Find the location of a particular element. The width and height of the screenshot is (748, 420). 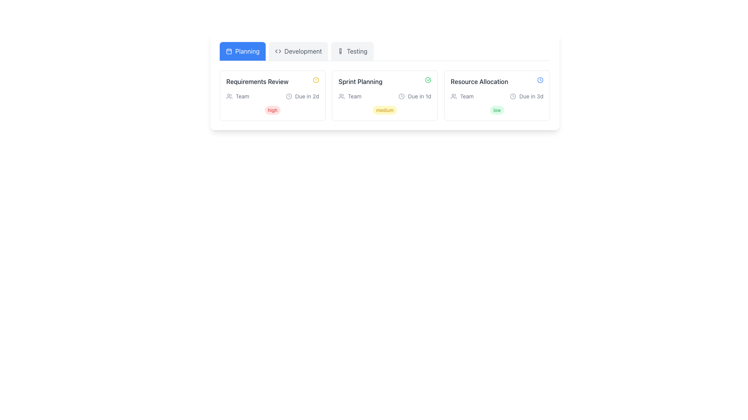

the Informative label component displaying 'Due in 1d' with a clock icon, located in the 'Sprint Planning' section beneath the task title is located at coordinates (415, 96).